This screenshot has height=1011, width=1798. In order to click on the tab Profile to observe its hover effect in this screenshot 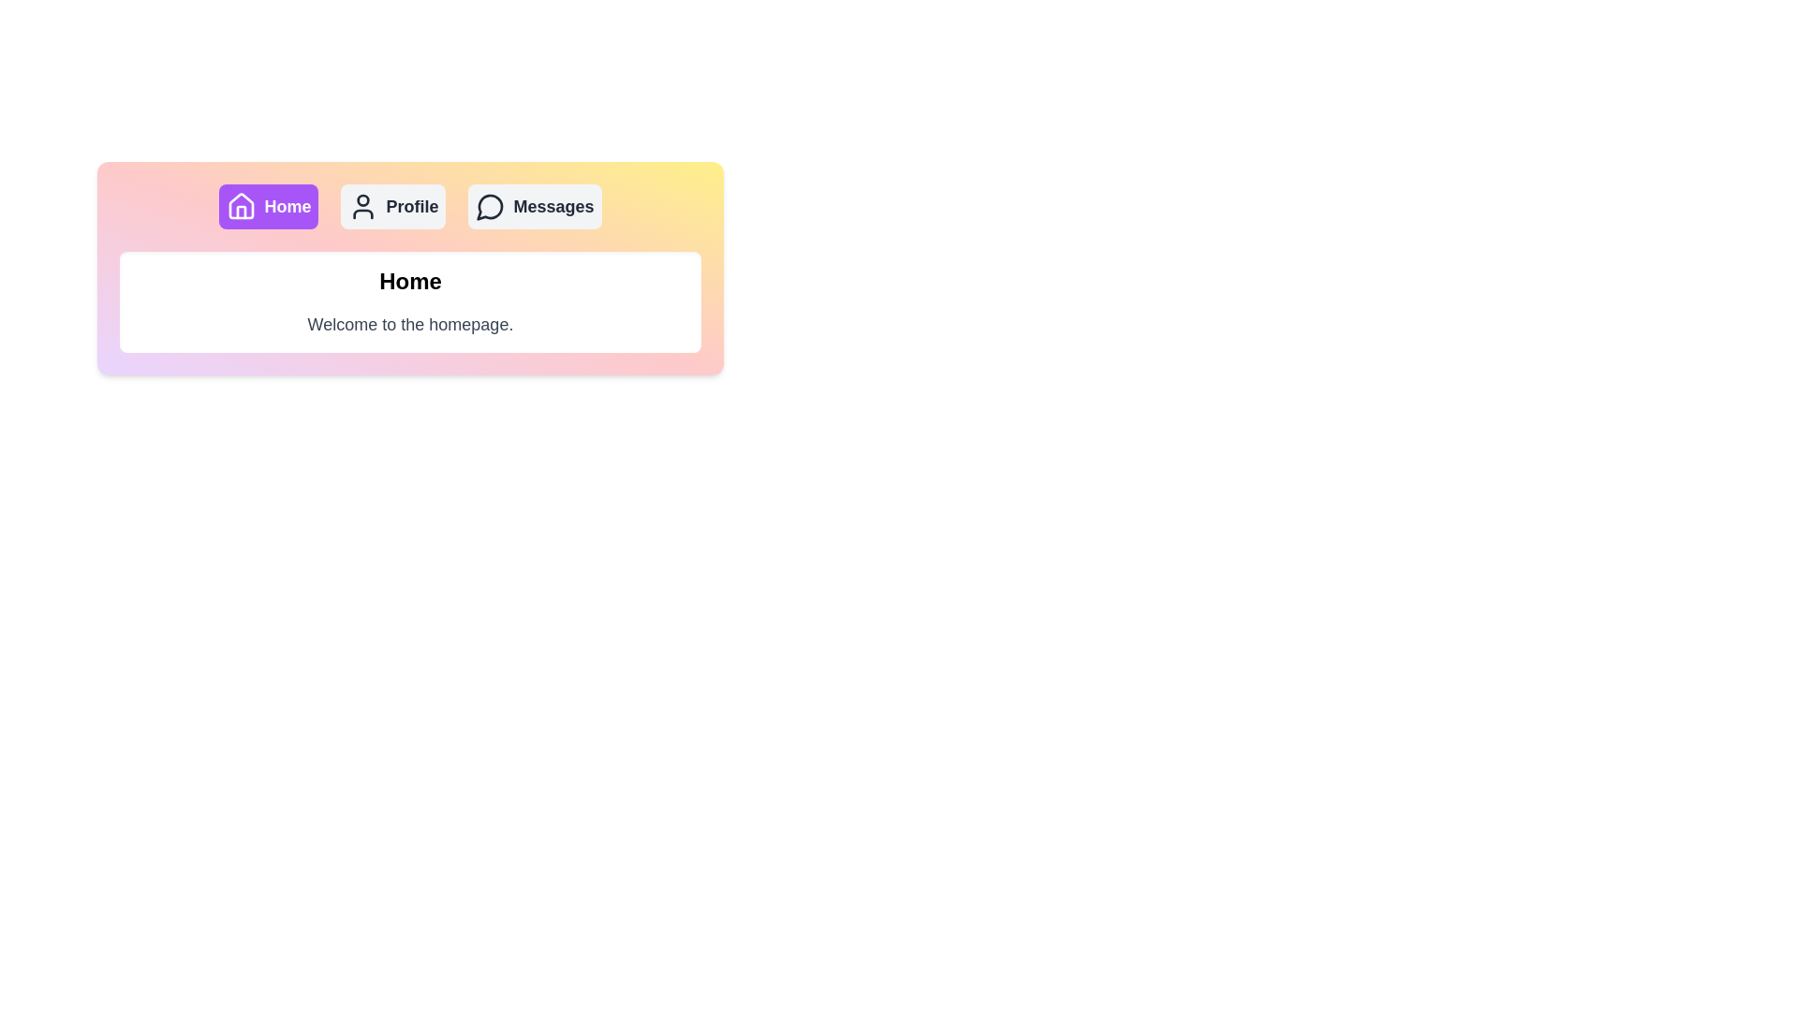, I will do `click(392, 206)`.